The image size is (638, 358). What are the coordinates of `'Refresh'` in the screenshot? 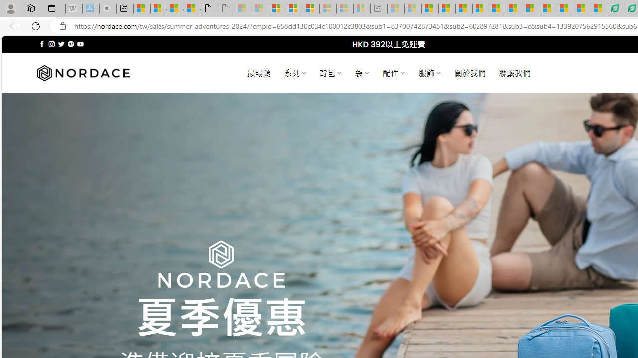 It's located at (36, 25).